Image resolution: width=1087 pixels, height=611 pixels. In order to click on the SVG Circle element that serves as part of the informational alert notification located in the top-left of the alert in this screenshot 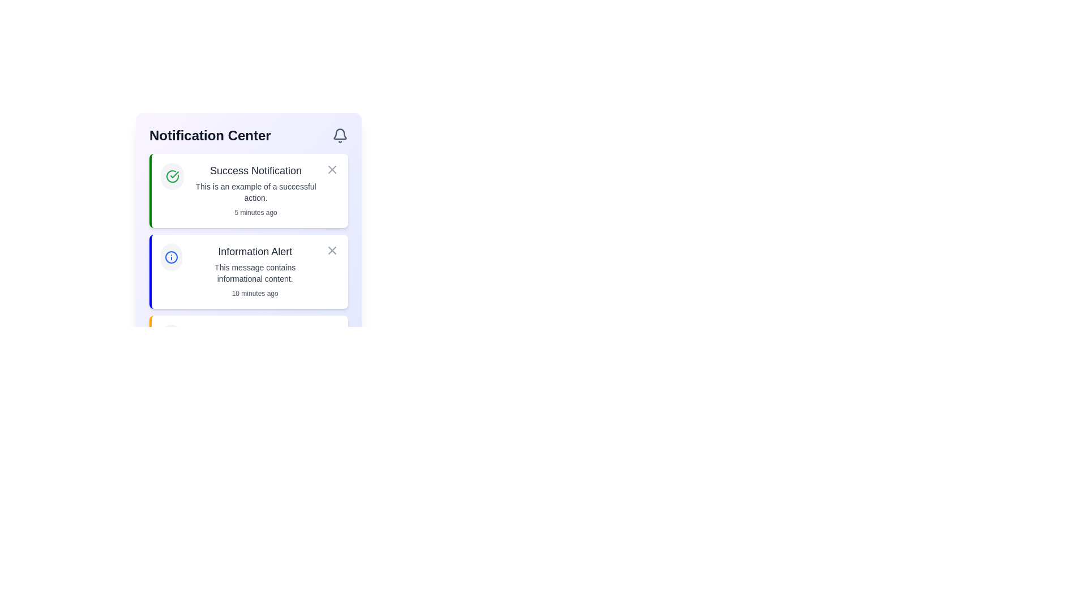, I will do `click(171, 257)`.